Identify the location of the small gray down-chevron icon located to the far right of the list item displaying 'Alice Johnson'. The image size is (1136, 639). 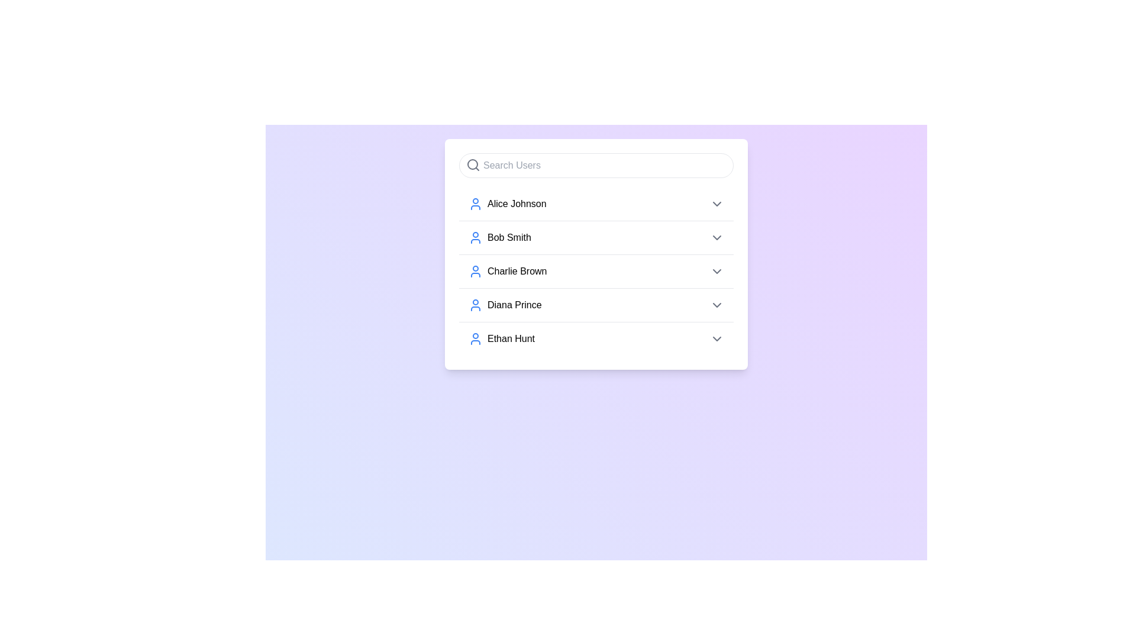
(716, 203).